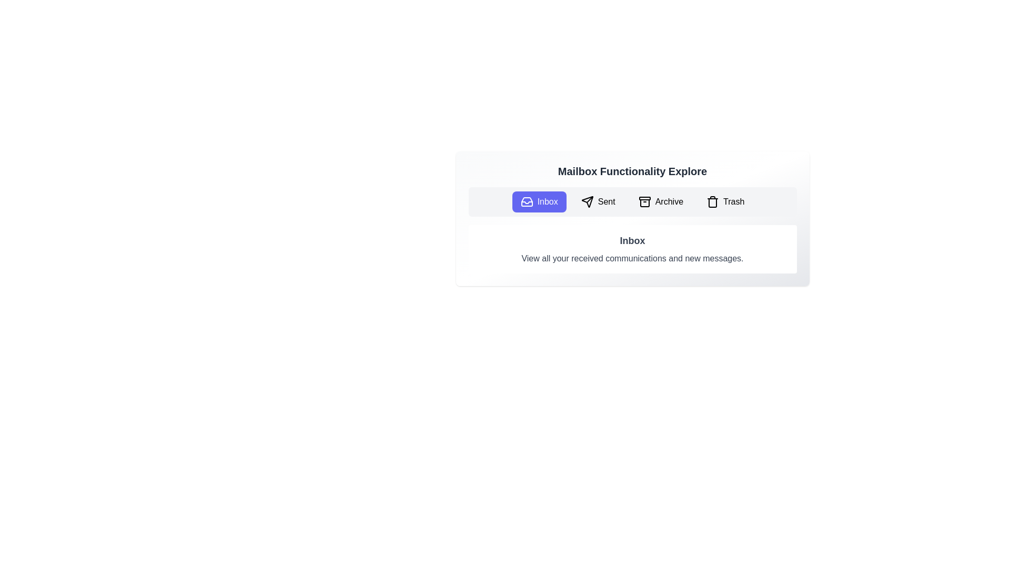  Describe the element at coordinates (598, 202) in the screenshot. I see `the Sent tab to switch to its content` at that location.